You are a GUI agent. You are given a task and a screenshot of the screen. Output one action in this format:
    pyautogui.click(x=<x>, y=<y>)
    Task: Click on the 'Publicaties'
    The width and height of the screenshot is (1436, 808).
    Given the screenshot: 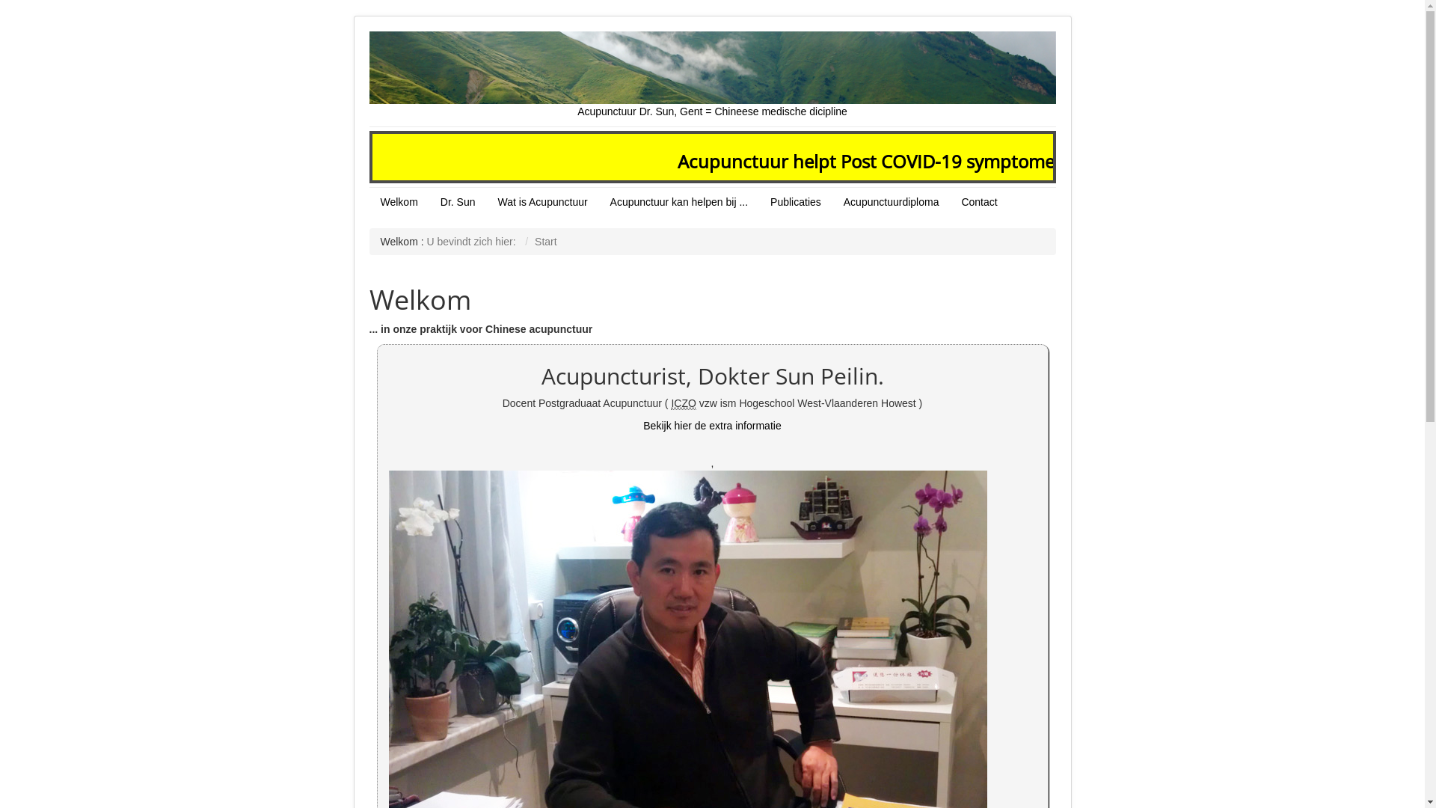 What is the action you would take?
    pyautogui.click(x=795, y=202)
    